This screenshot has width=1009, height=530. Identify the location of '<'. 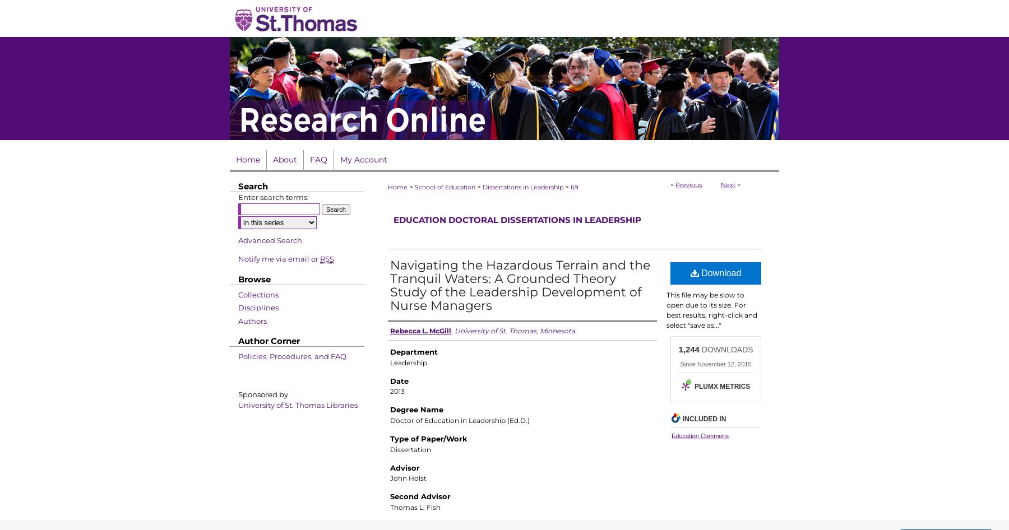
(669, 184).